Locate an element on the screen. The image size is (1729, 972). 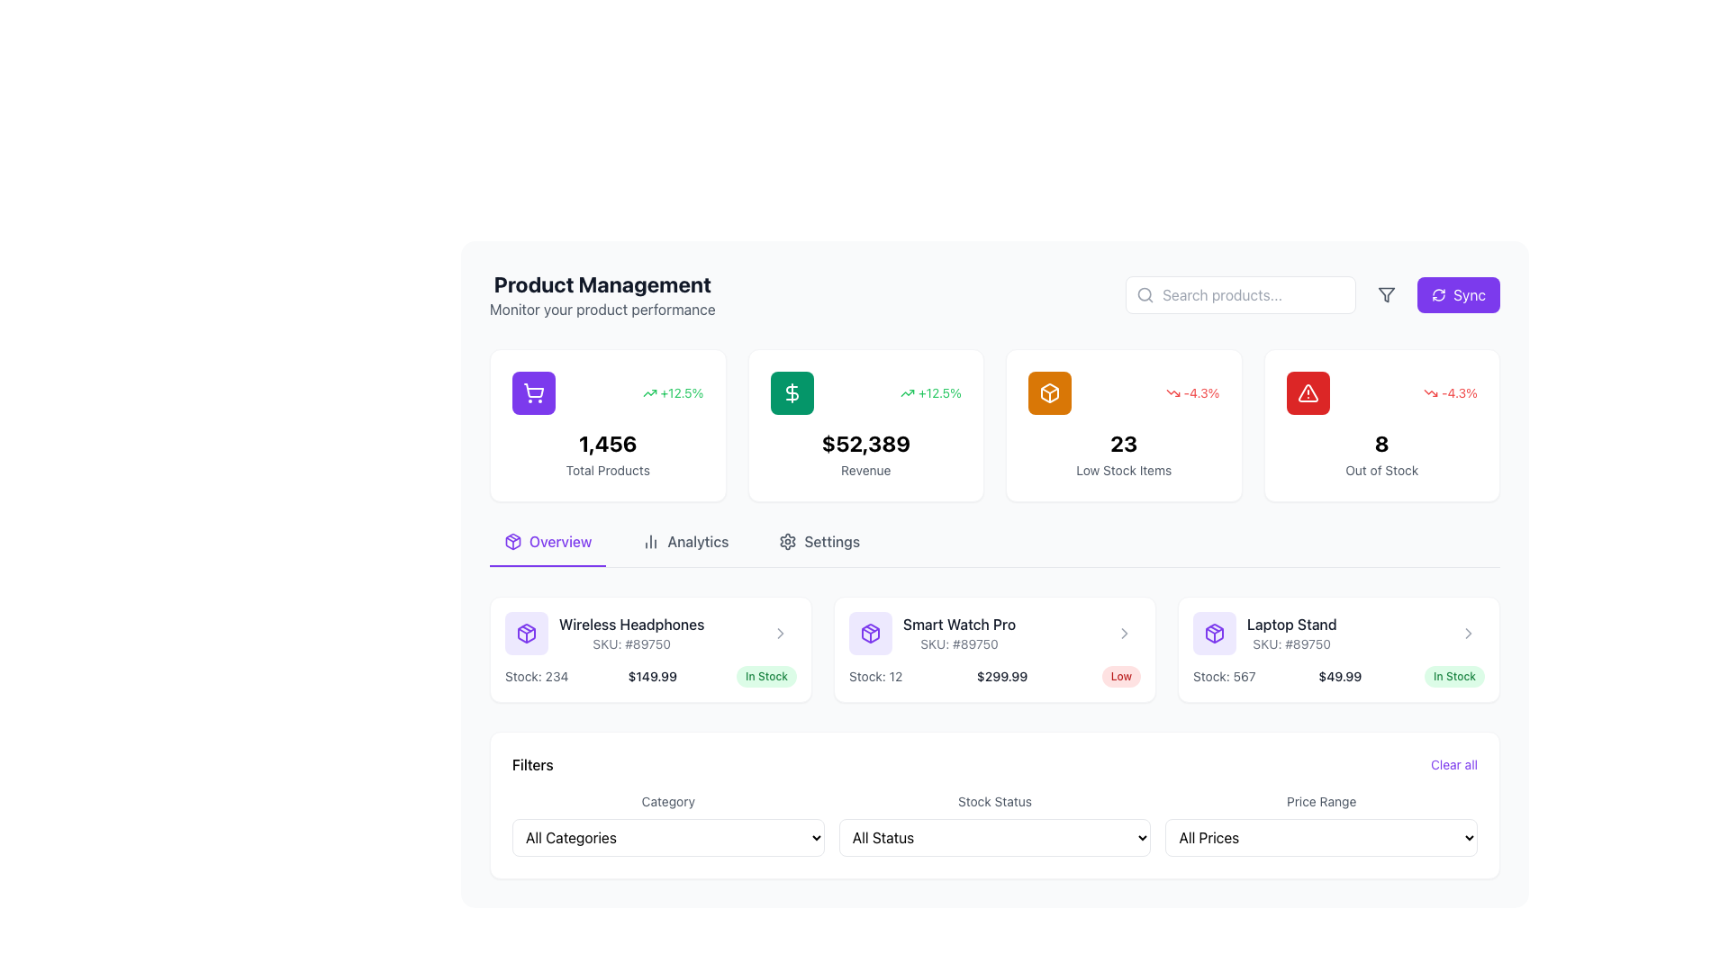
the text label displaying 'Laptop Stand' and 'SKU: #89750', located within the product summary component in the main content area is located at coordinates (1263, 633).